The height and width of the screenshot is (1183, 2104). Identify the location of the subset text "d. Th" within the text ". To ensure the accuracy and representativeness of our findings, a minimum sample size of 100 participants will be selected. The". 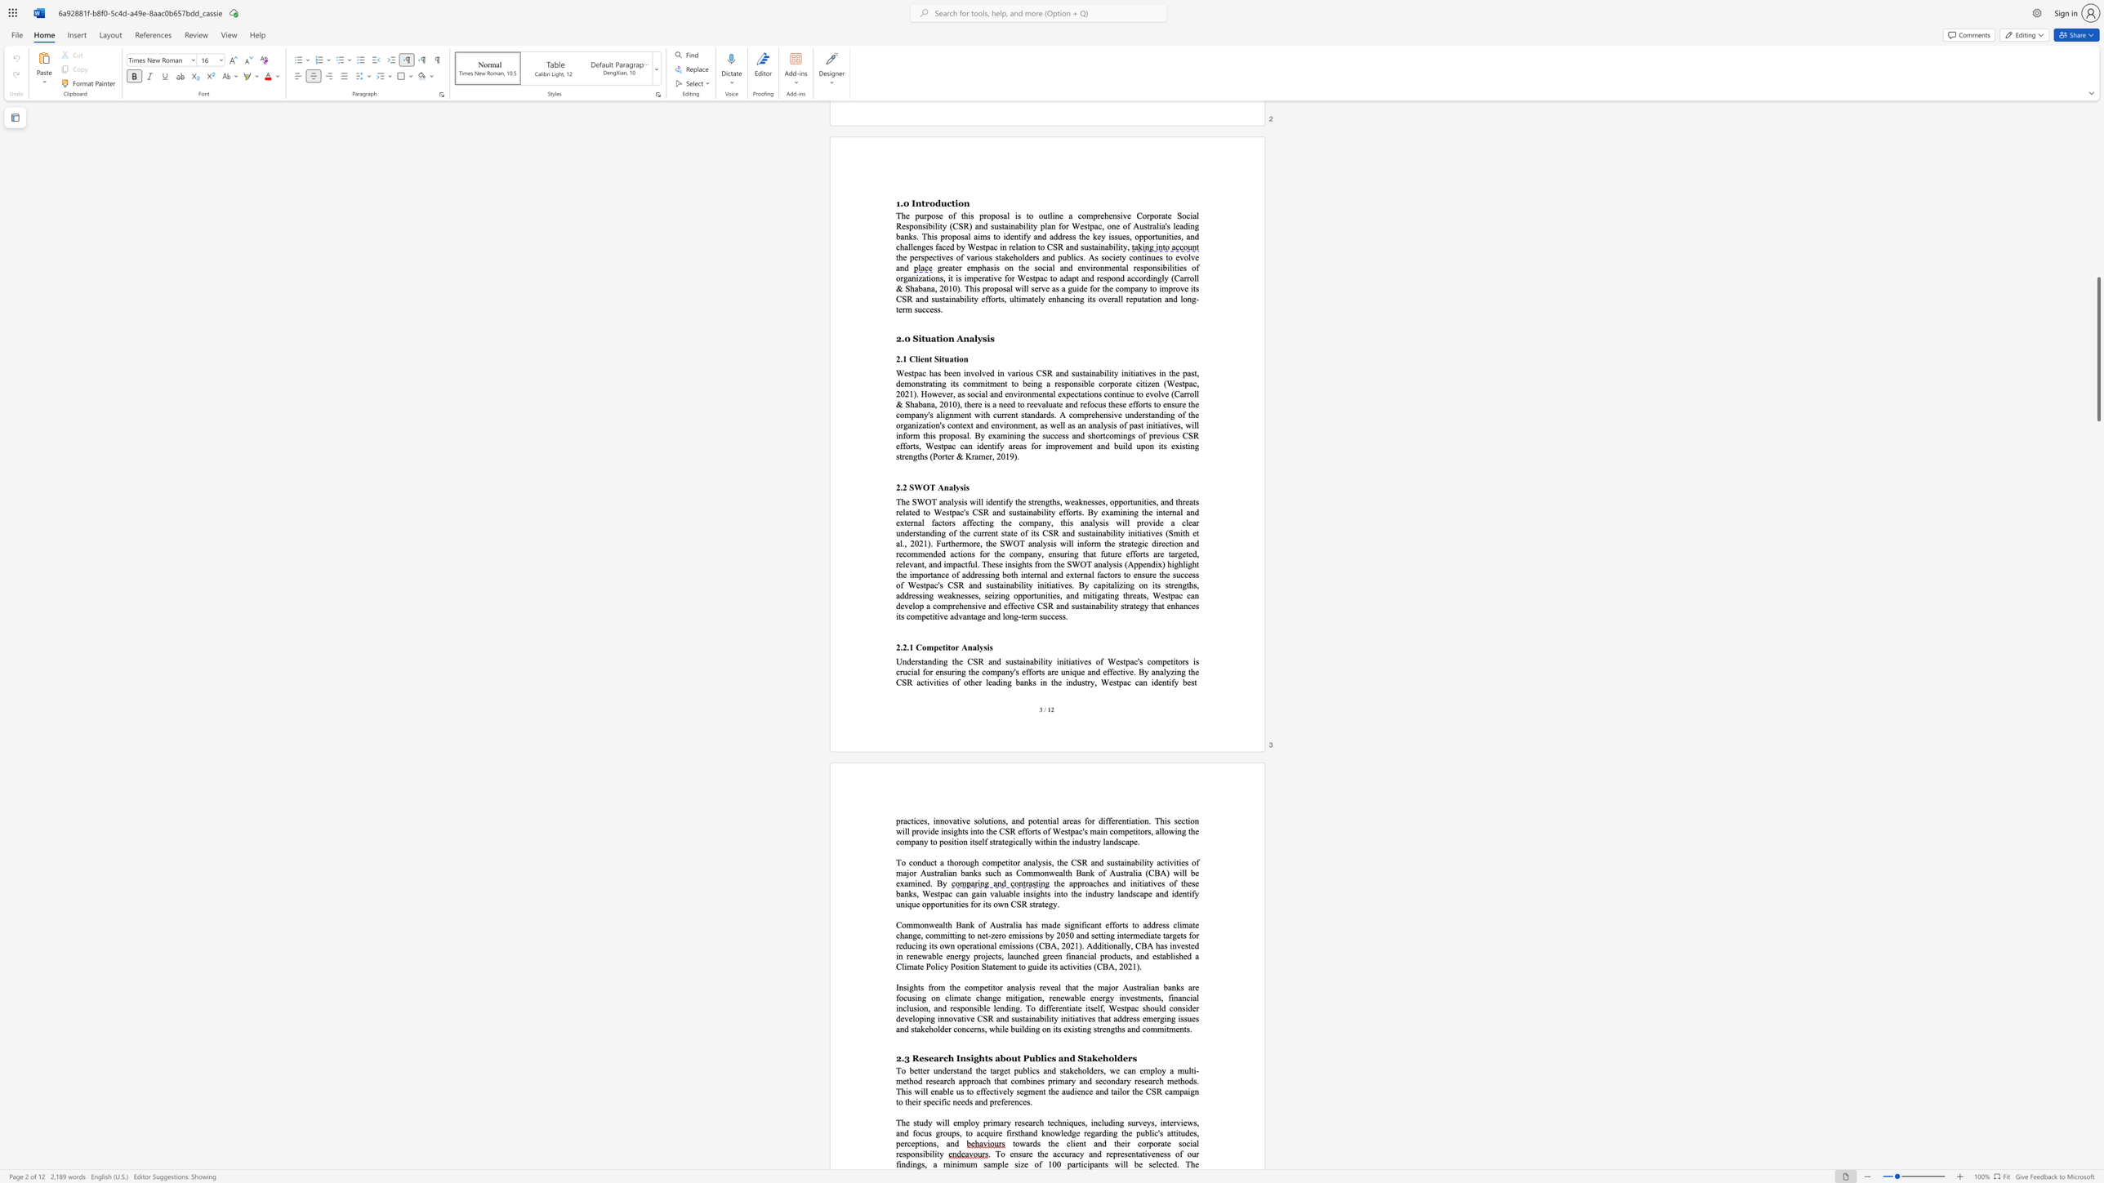
(1172, 1164).